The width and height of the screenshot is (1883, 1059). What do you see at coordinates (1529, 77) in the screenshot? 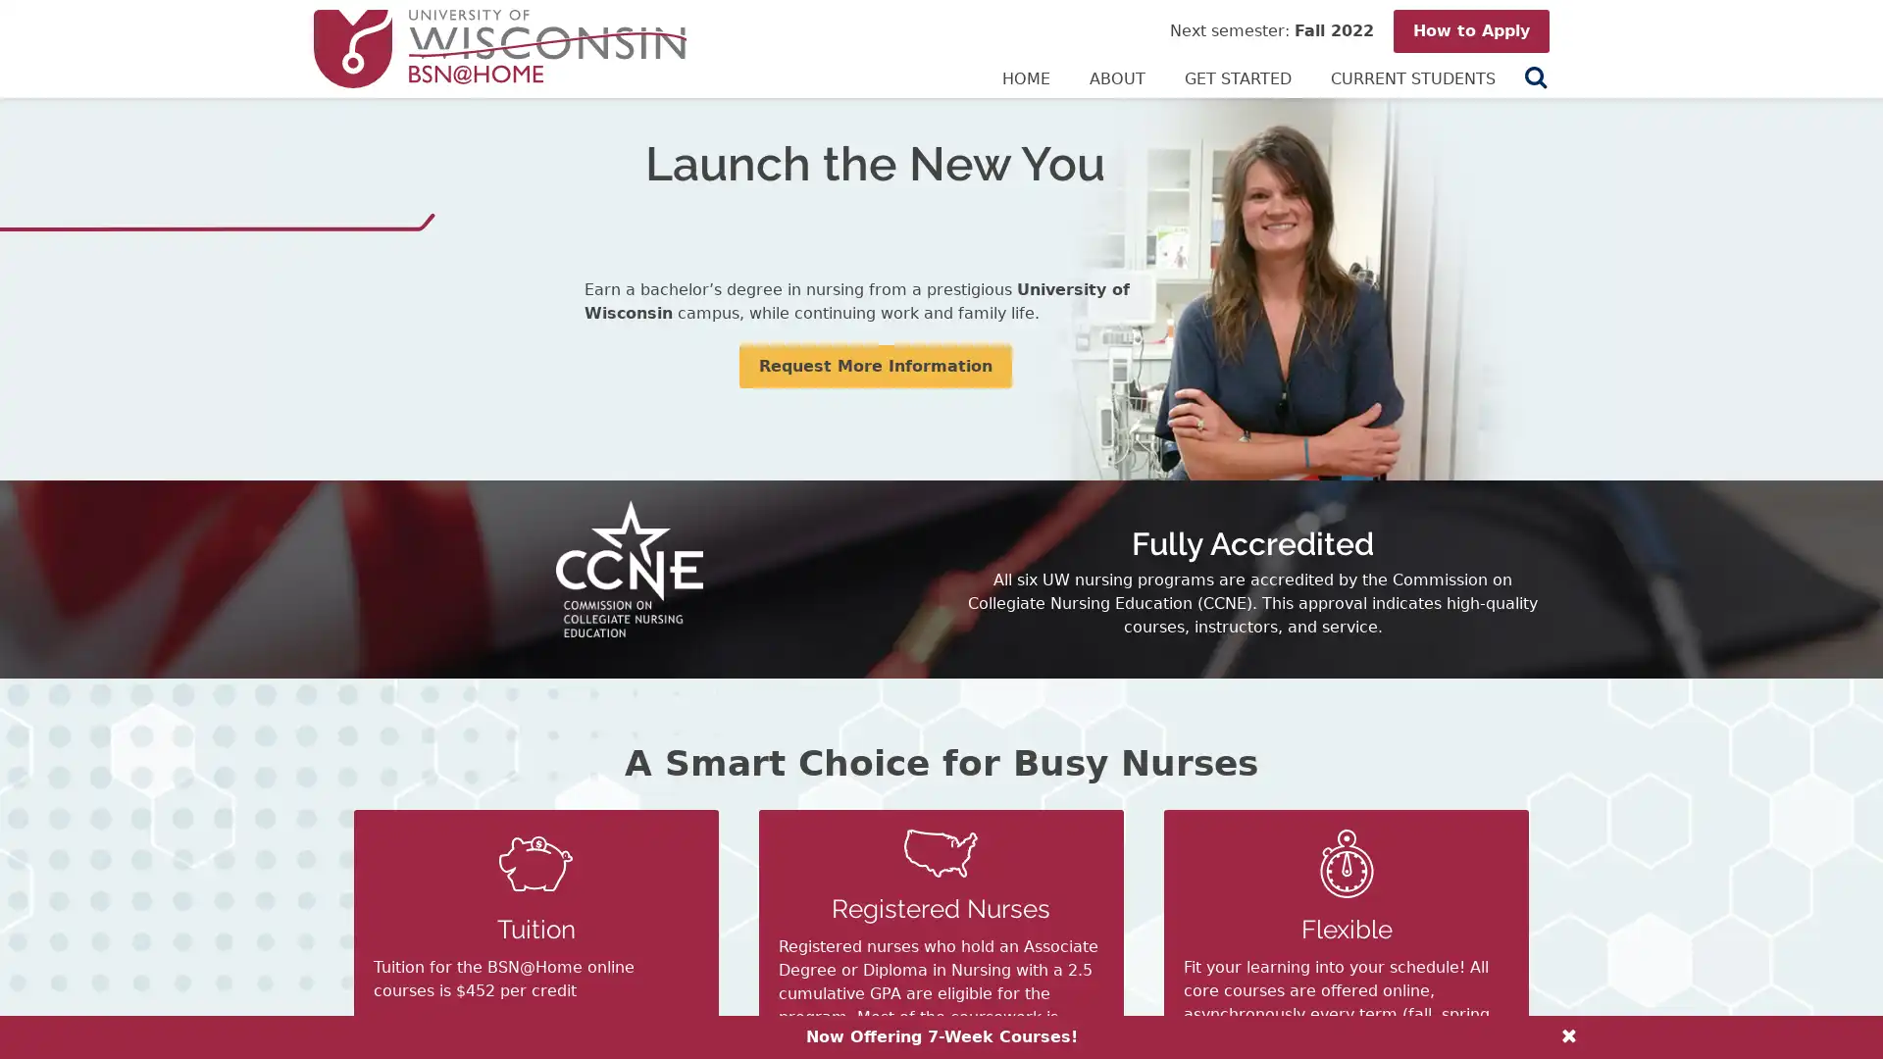
I see `Go!` at bounding box center [1529, 77].